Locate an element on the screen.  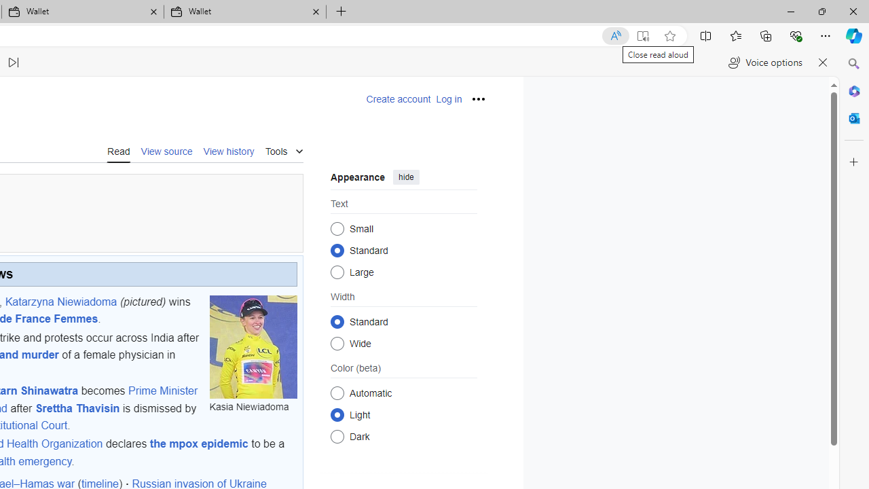
'Read next paragraph' is located at coordinates (13, 62).